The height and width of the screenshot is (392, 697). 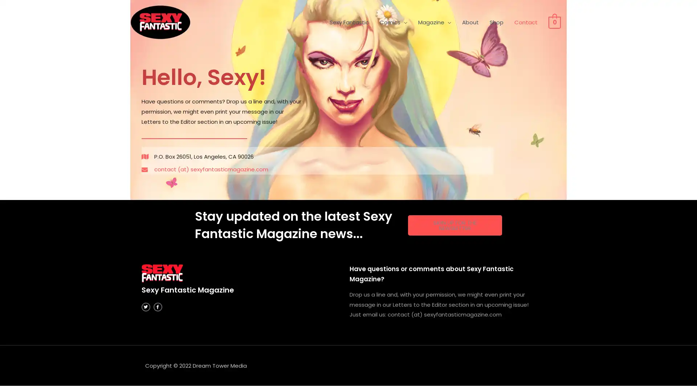 I want to click on SIGN UP FOR THE NEWSLETTER, so click(x=454, y=225).